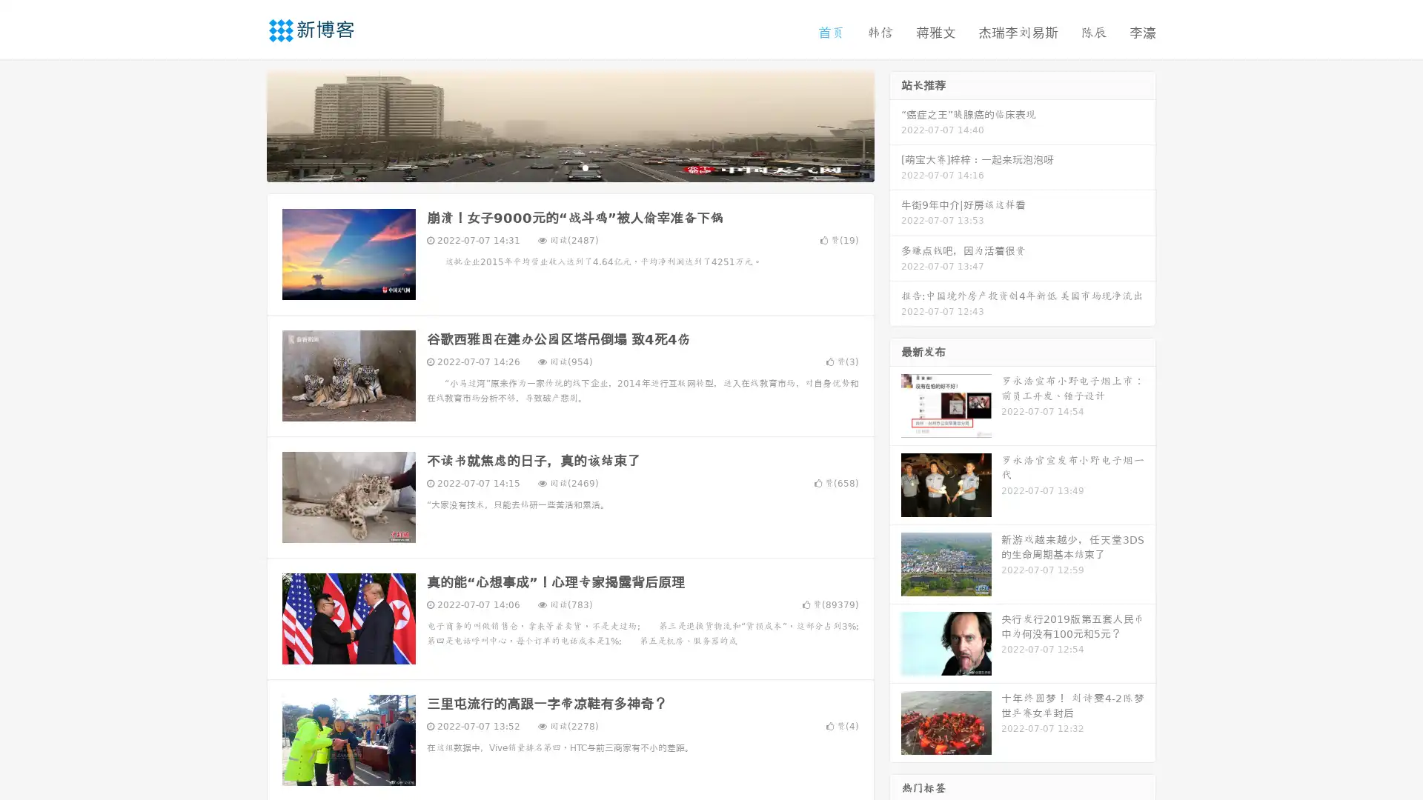  I want to click on Go to slide 3, so click(585, 167).